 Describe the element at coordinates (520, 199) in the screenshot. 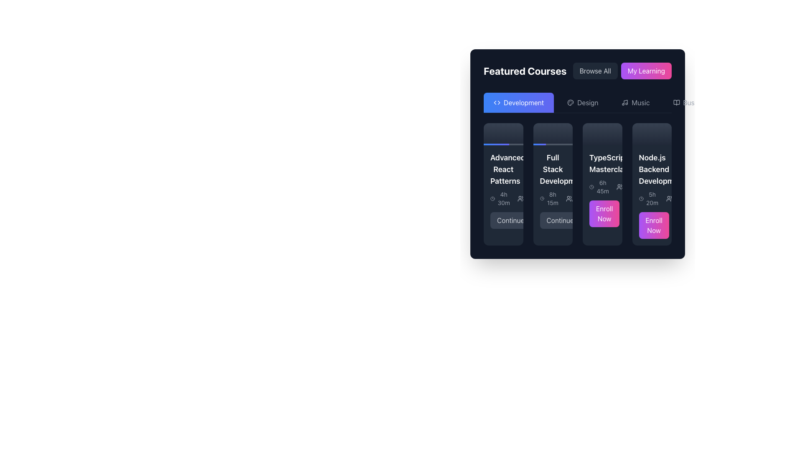

I see `the user representation icon located to the left of the numeric label '1,234' in the header section for interaction` at that location.